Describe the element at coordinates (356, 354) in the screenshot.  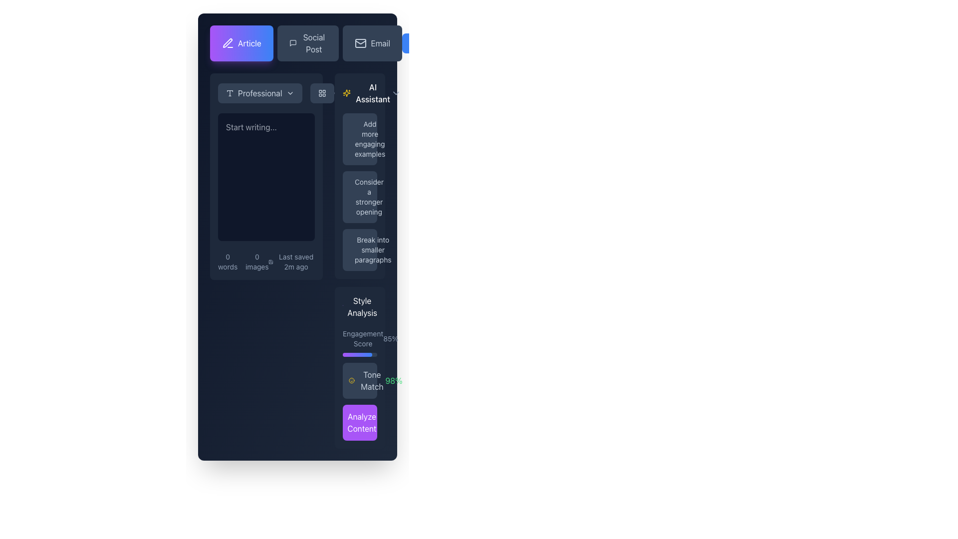
I see `the progression value` at that location.